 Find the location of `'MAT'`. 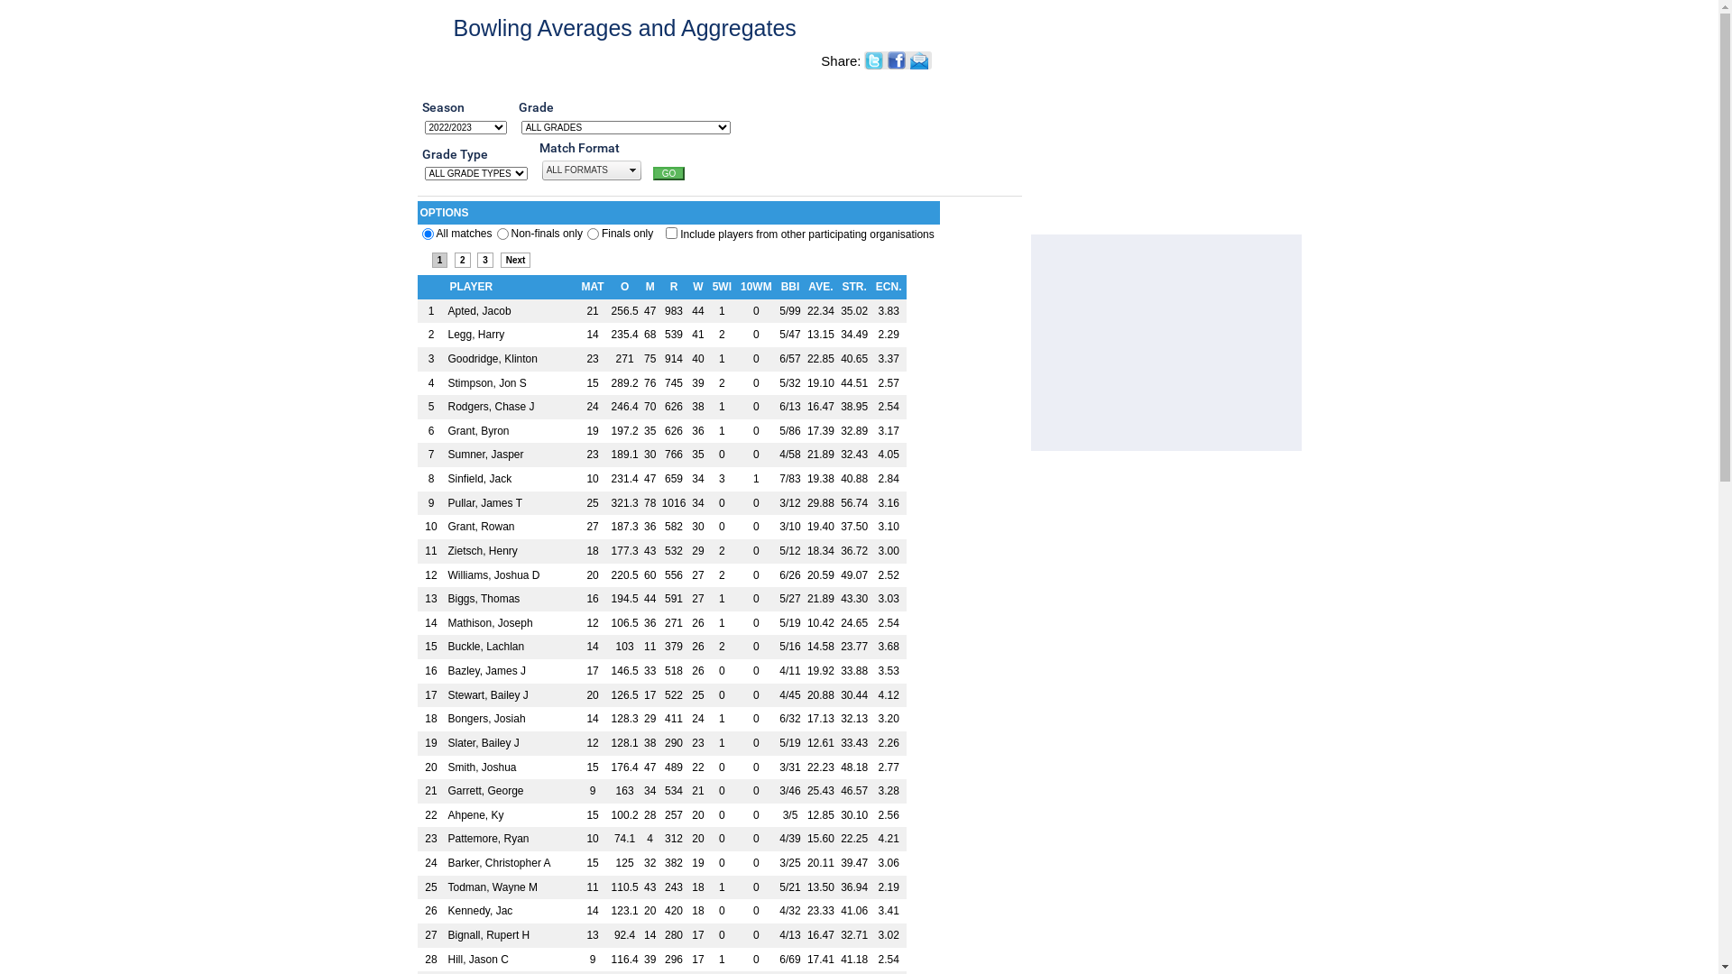

'MAT' is located at coordinates (592, 285).